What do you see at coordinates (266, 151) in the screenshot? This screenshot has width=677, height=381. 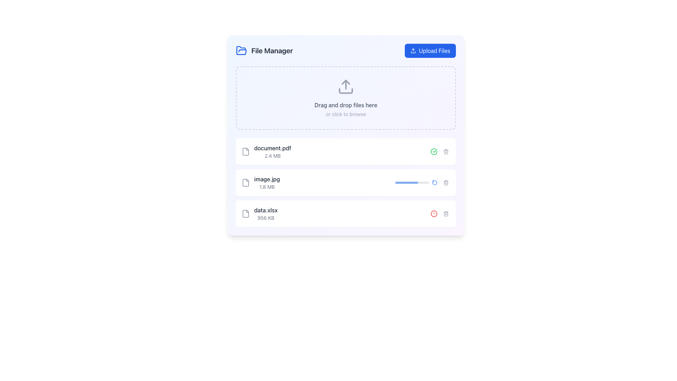 I see `text of the Label displaying 'document.pdf' with file size '2.4 MB', which is the first file entry in the File Manager interface` at bounding box center [266, 151].